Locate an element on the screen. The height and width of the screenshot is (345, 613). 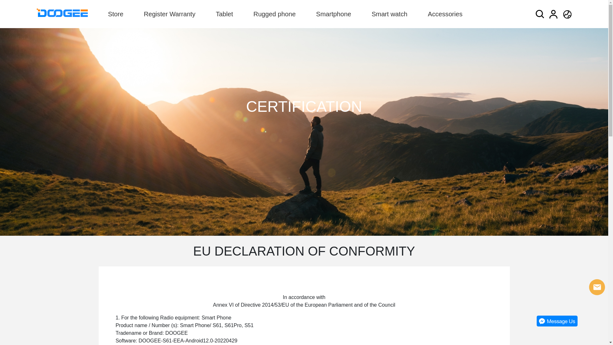
'Accessories' is located at coordinates (428, 14).